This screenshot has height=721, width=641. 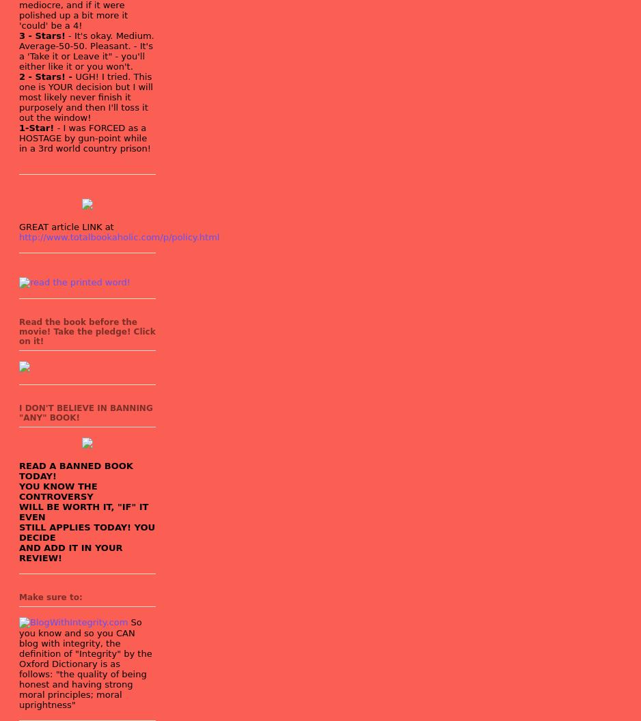 What do you see at coordinates (85, 412) in the screenshot?
I see `'I DON'T BELIEVE IN BANNING "ANY" BOOK!'` at bounding box center [85, 412].